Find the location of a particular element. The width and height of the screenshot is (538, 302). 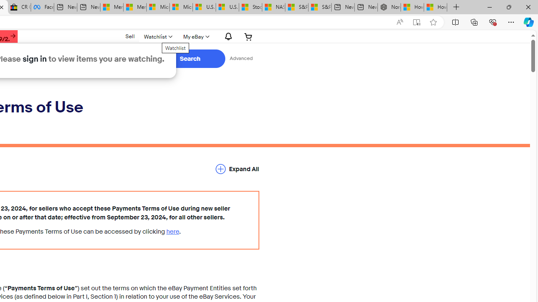

'How to Use a Monitor With Your Closed Laptop' is located at coordinates (435, 7).